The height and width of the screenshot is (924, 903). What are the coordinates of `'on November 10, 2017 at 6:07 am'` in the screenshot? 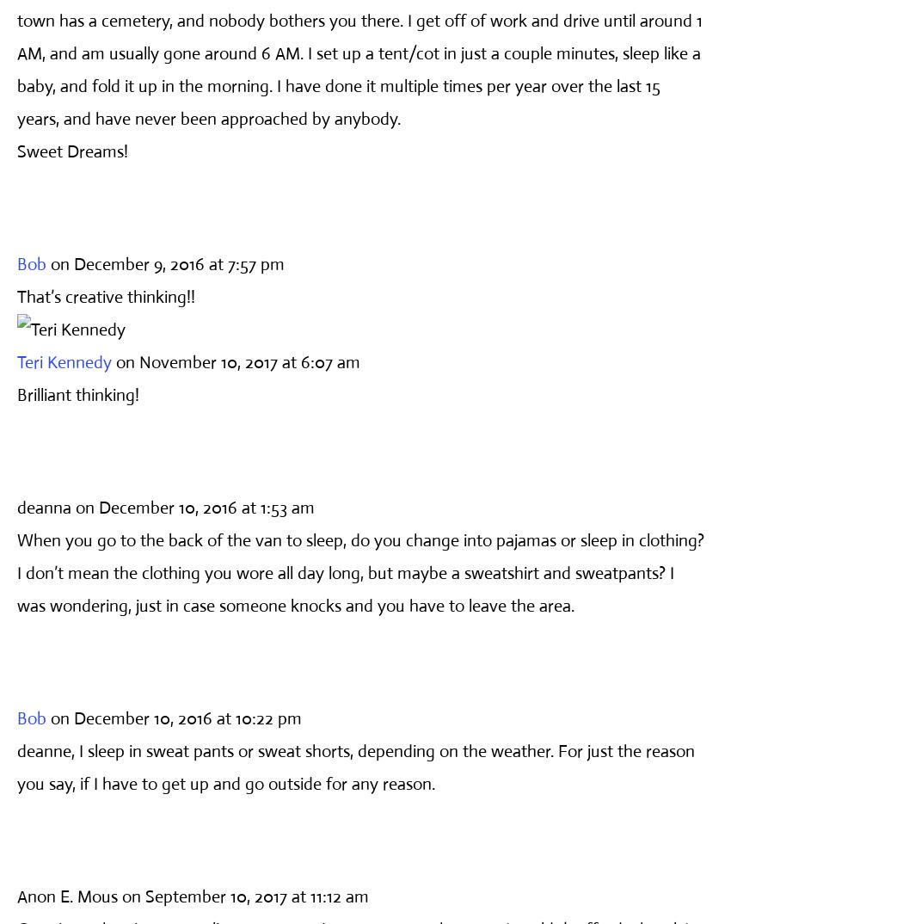 It's located at (236, 361).